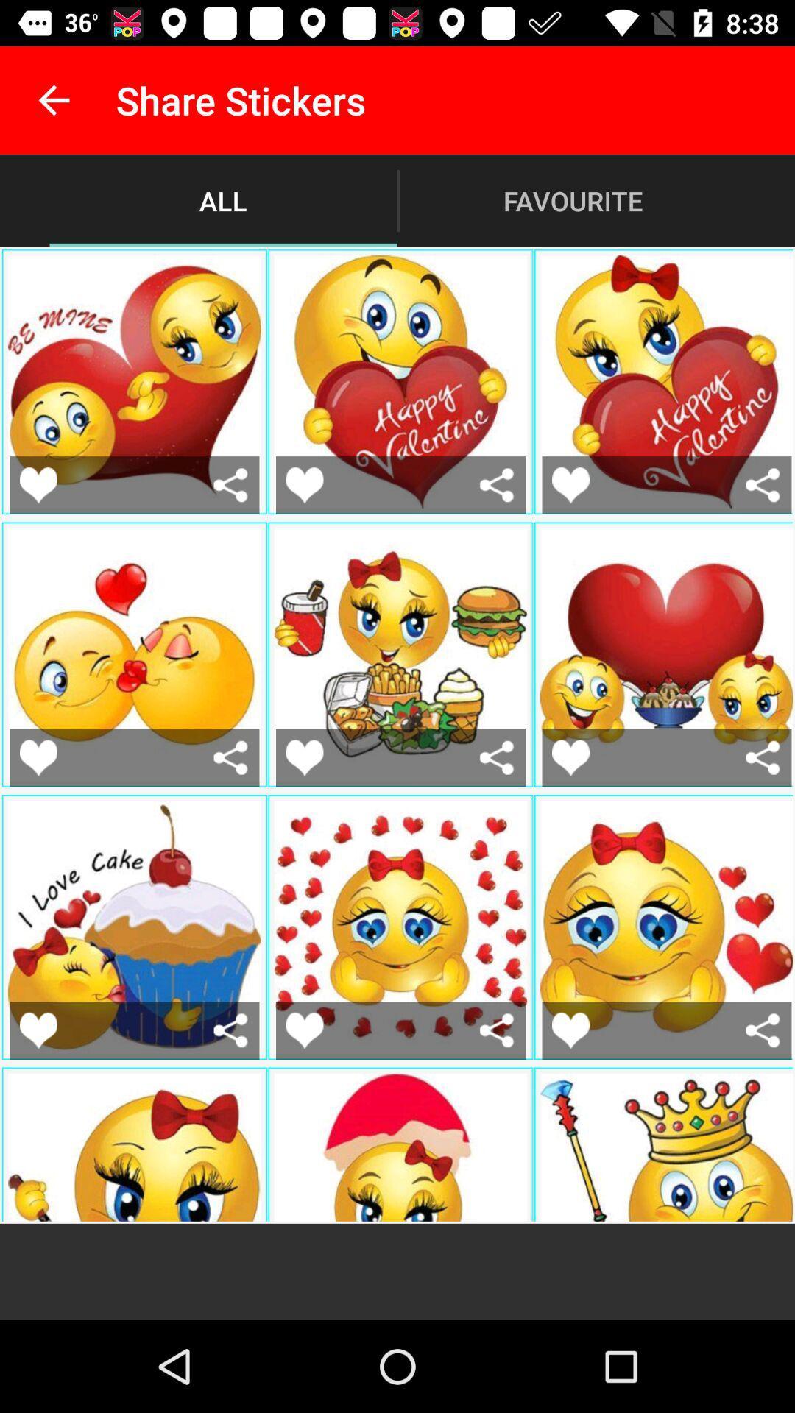 This screenshot has height=1413, width=795. I want to click on birthday and love cake, so click(230, 1030).